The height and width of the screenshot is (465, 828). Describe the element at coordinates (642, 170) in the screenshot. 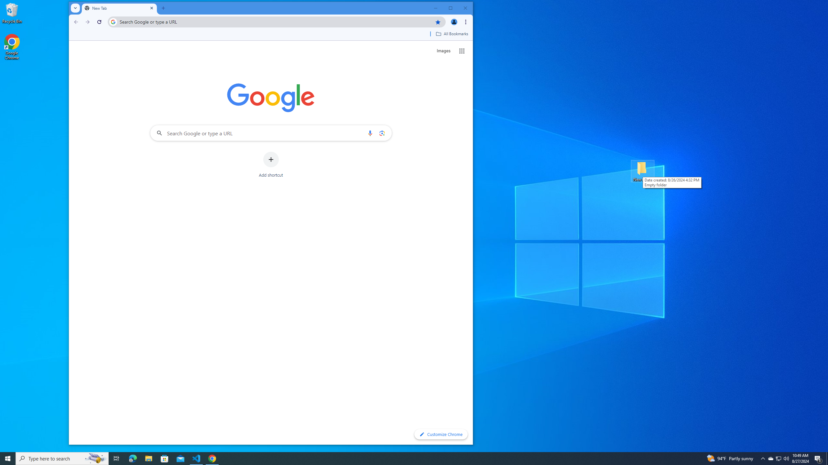

I see `'New folder'` at that location.